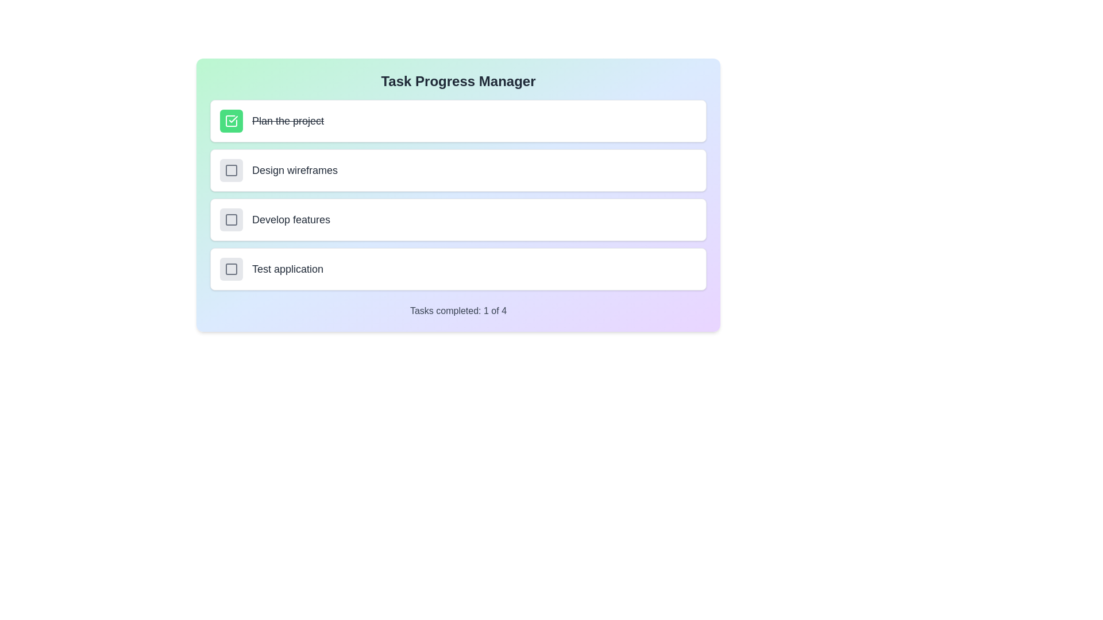 This screenshot has width=1103, height=620. Describe the element at coordinates (231, 219) in the screenshot. I see `the small gray checkbox icon located to the left of the text 'Develop features' in the task list` at that location.